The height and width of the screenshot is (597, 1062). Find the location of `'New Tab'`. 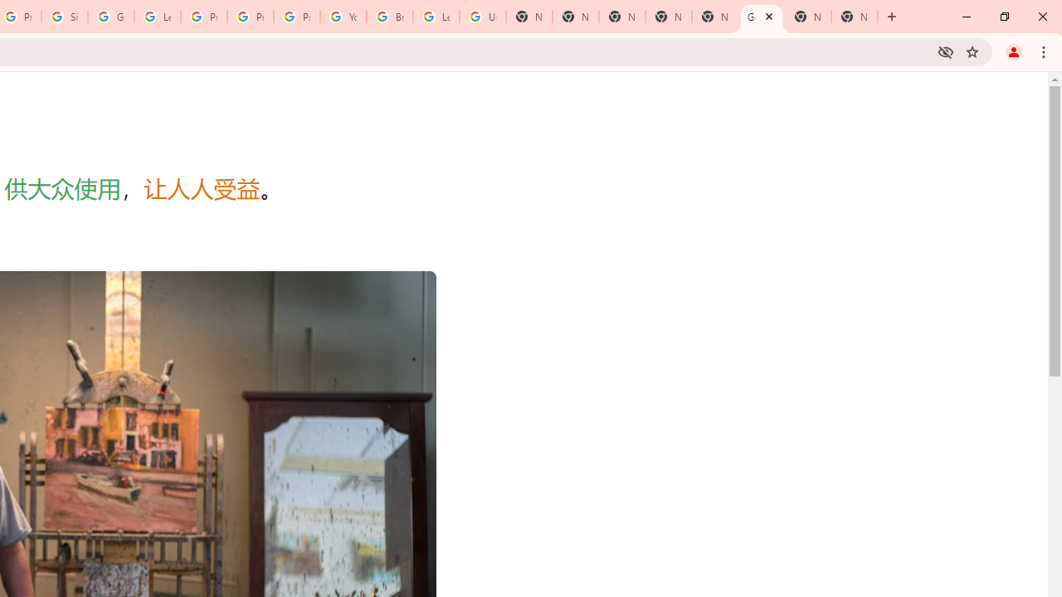

'New Tab' is located at coordinates (855, 17).